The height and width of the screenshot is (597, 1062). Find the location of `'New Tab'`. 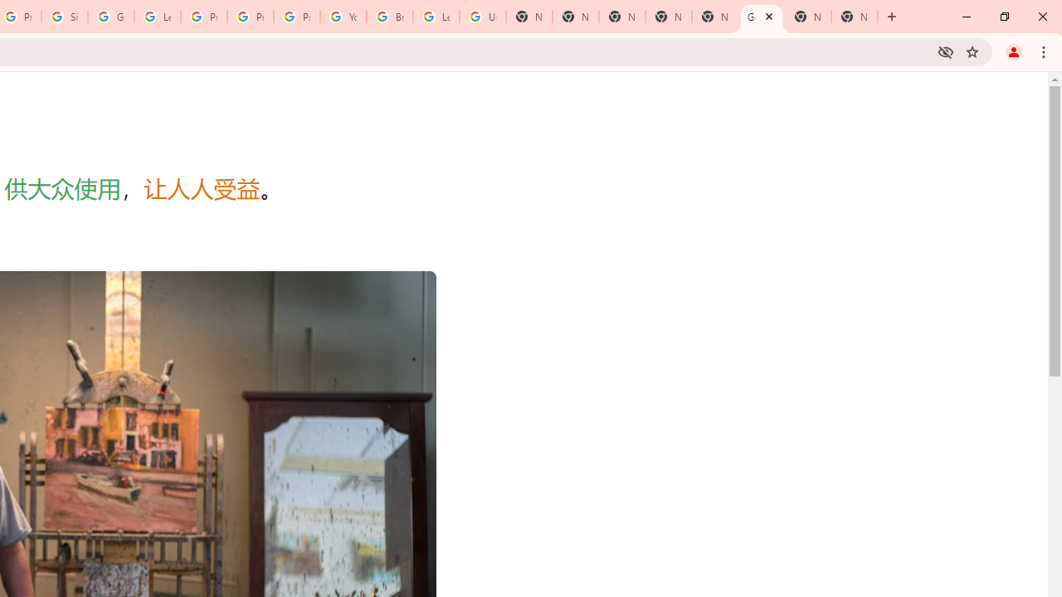

'New Tab' is located at coordinates (855, 17).